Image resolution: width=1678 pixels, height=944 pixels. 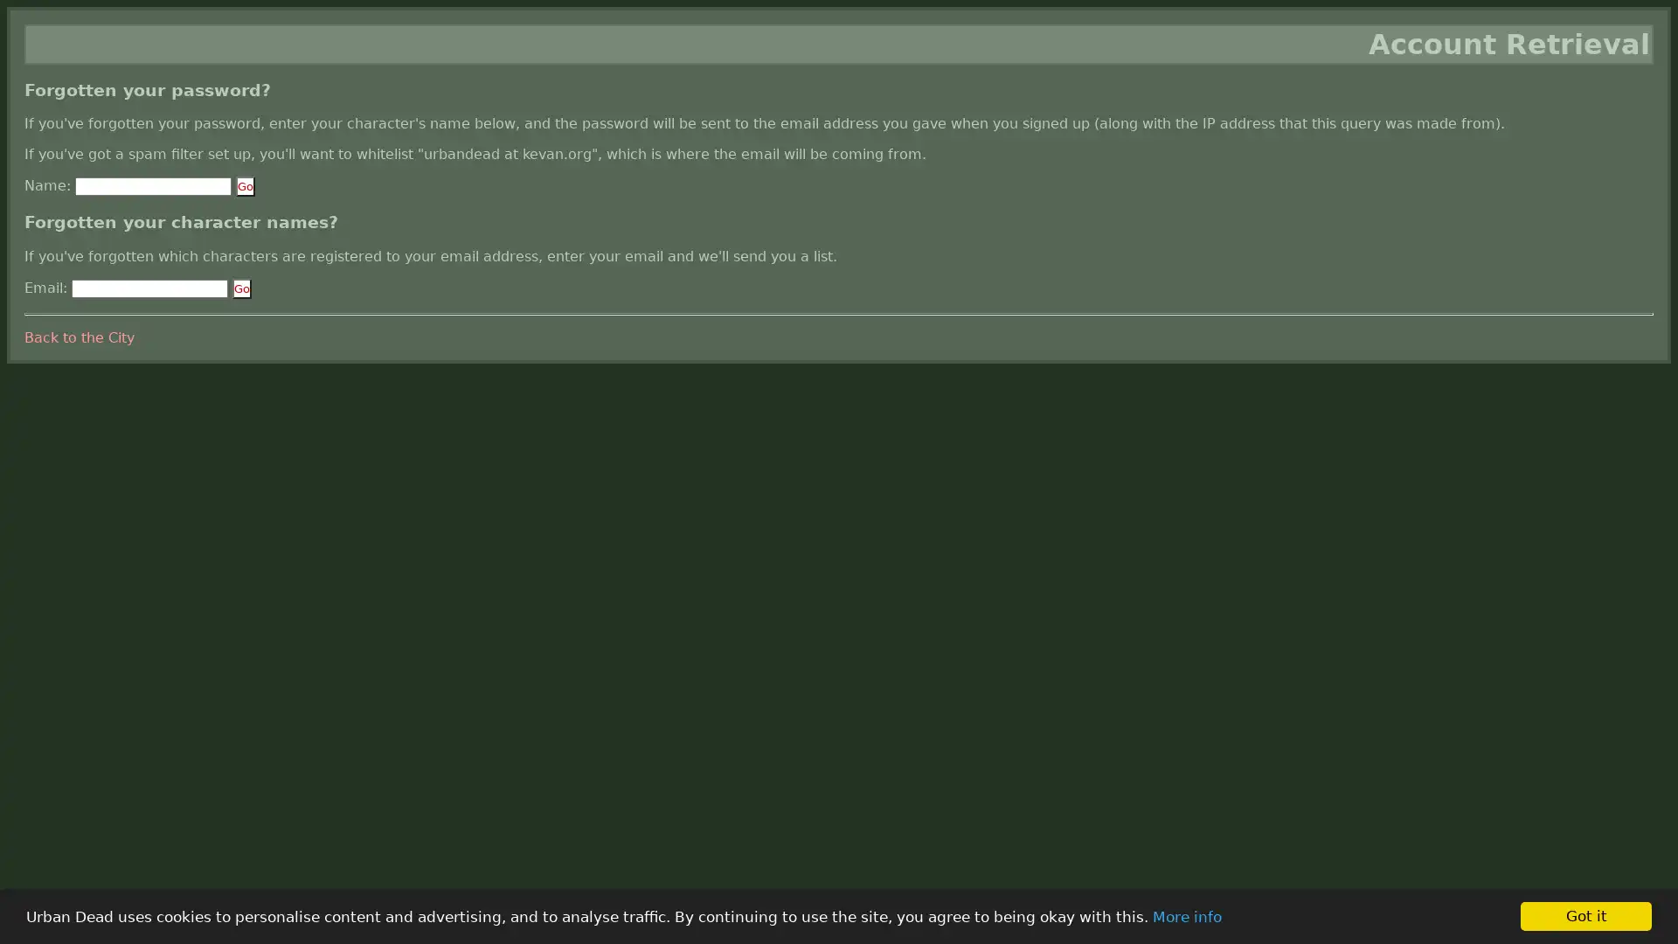 I want to click on Go, so click(x=245, y=186).